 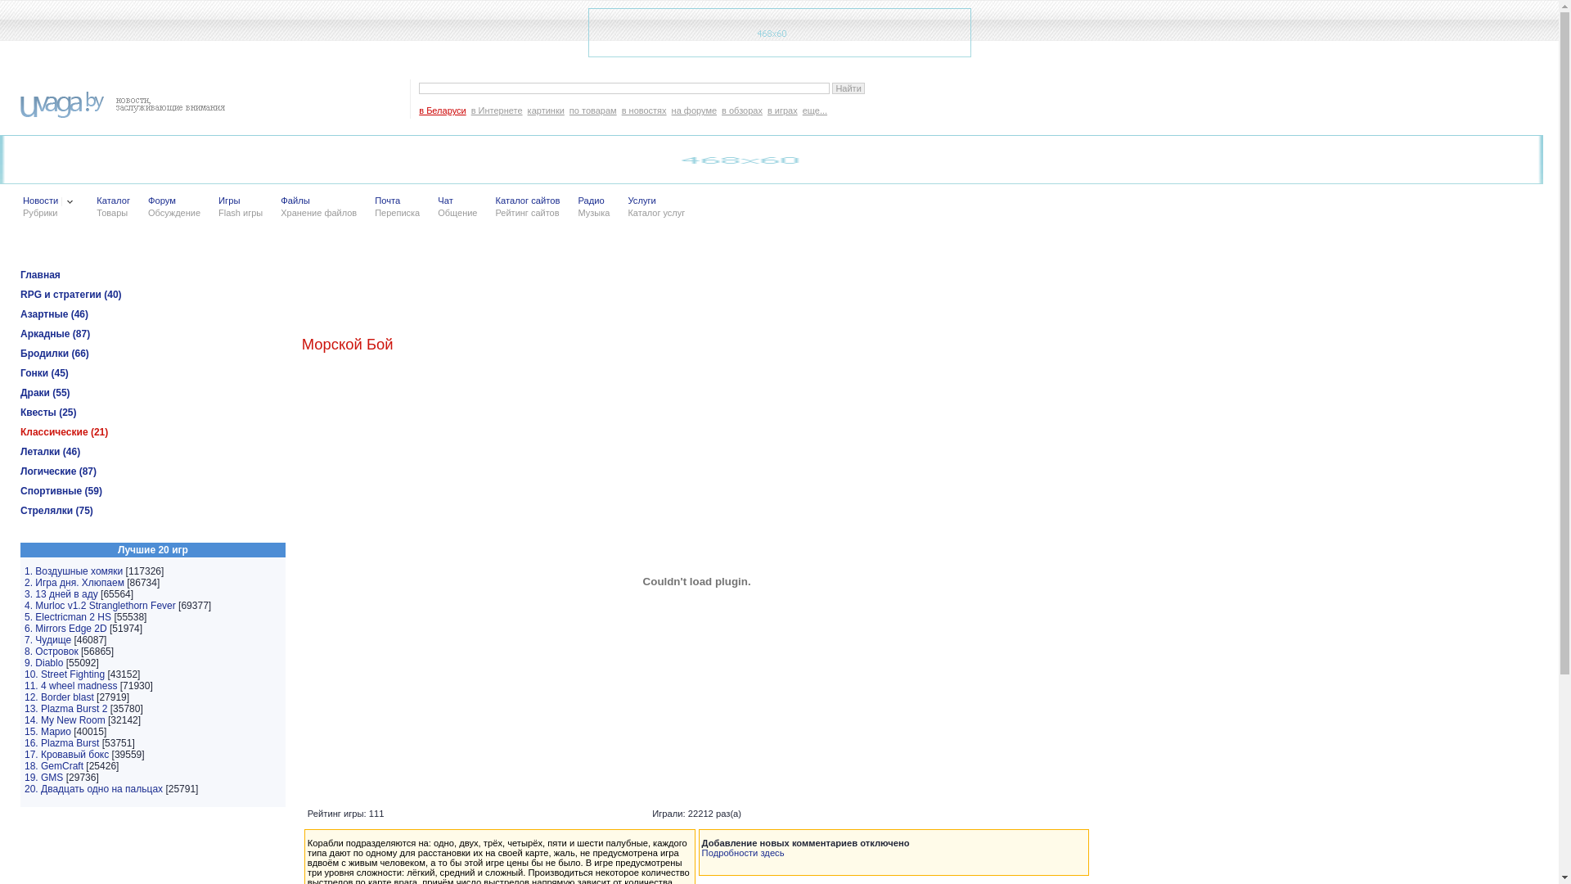 What do you see at coordinates (65, 708) in the screenshot?
I see `'13. Plazma Burst 2'` at bounding box center [65, 708].